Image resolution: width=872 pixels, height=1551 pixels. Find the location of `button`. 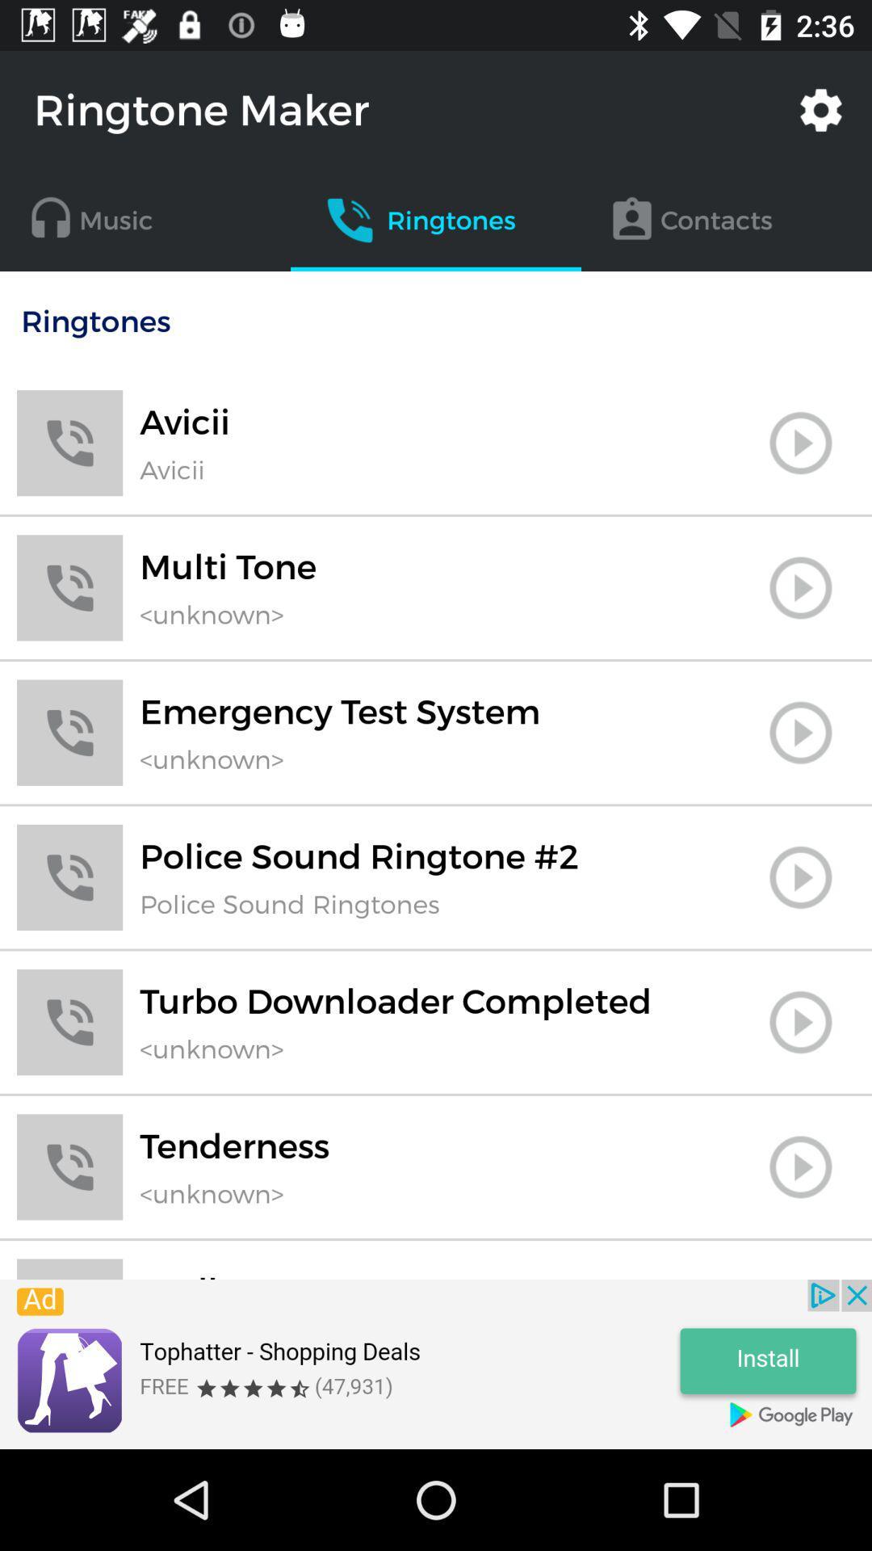

button is located at coordinates (800, 876).